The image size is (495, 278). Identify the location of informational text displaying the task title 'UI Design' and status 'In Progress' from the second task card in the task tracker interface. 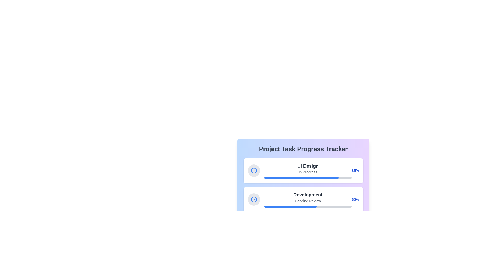
(308, 171).